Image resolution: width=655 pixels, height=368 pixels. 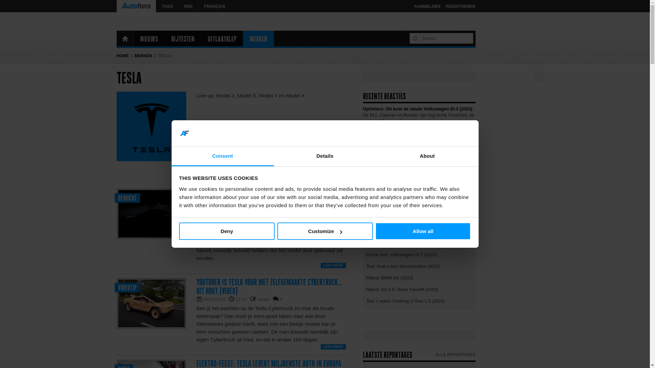 I want to click on 'RSS', so click(x=188, y=6).